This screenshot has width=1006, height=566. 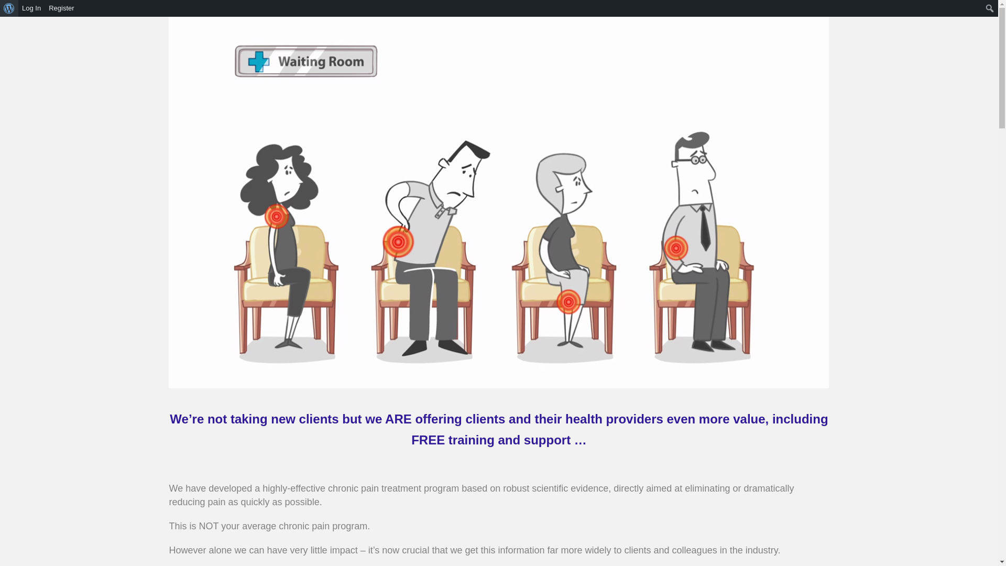 What do you see at coordinates (12, 9) in the screenshot?
I see `'Search'` at bounding box center [12, 9].